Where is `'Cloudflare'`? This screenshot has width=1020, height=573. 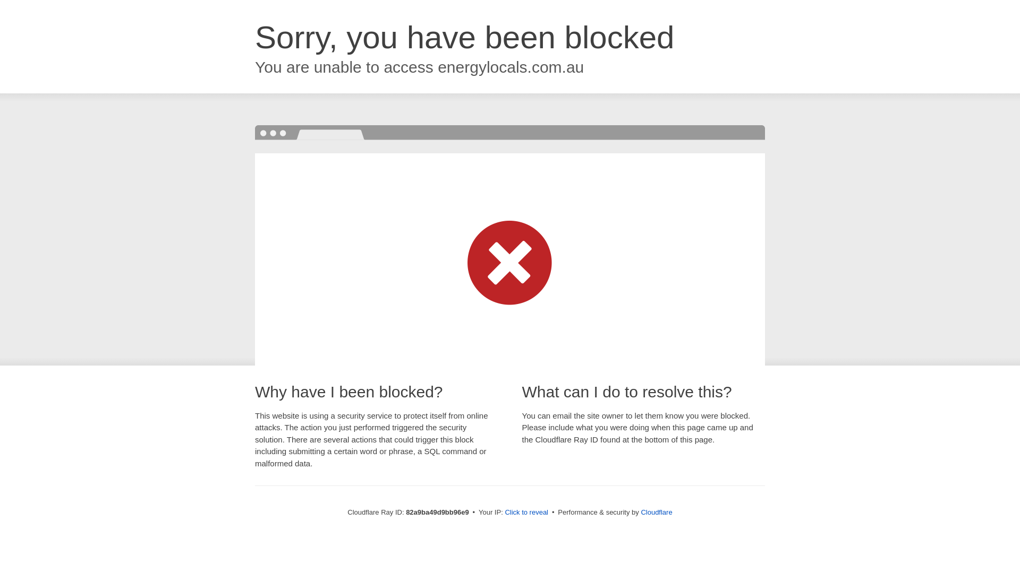
'Cloudflare' is located at coordinates (656, 511).